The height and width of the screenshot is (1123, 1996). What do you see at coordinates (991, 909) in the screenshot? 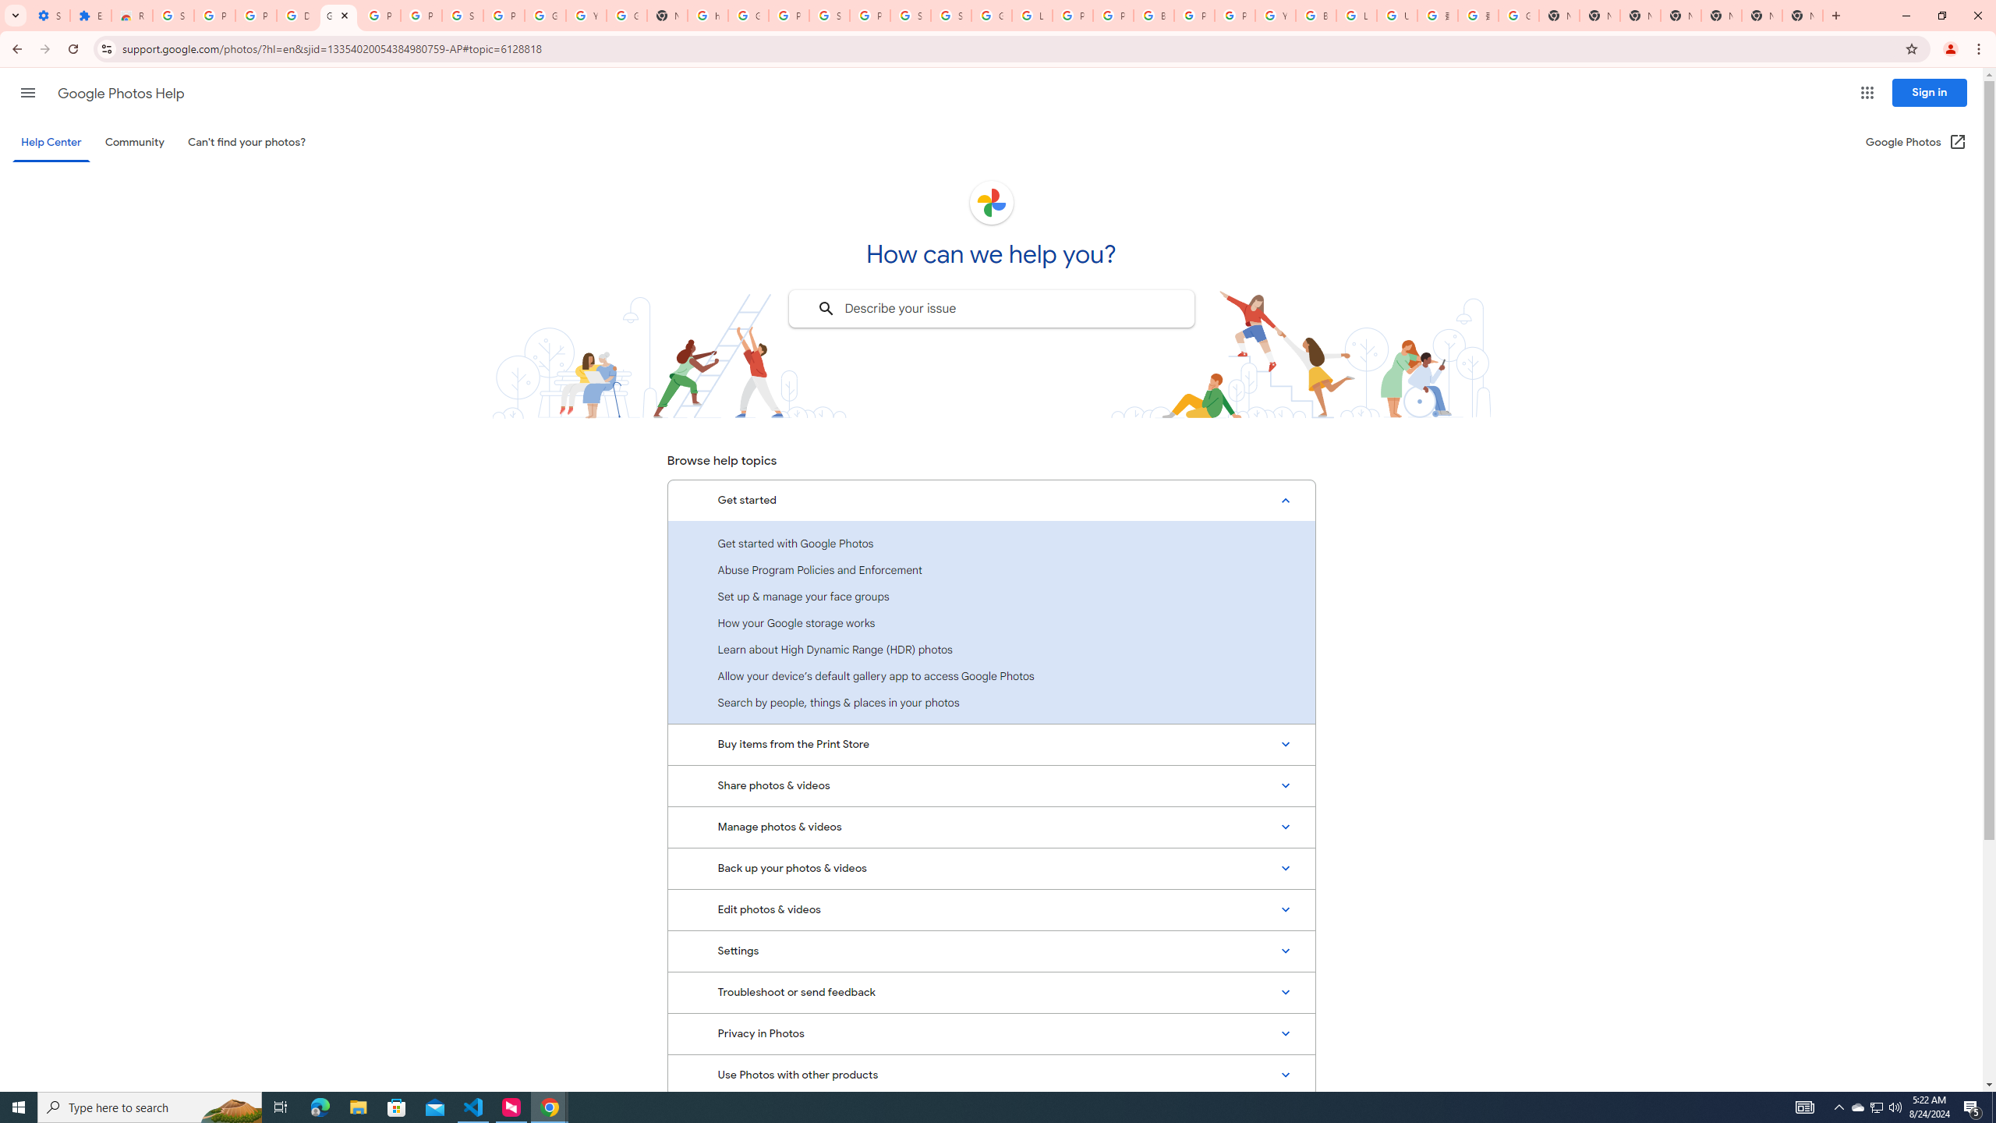
I see `'Edit photos & videos'` at bounding box center [991, 909].